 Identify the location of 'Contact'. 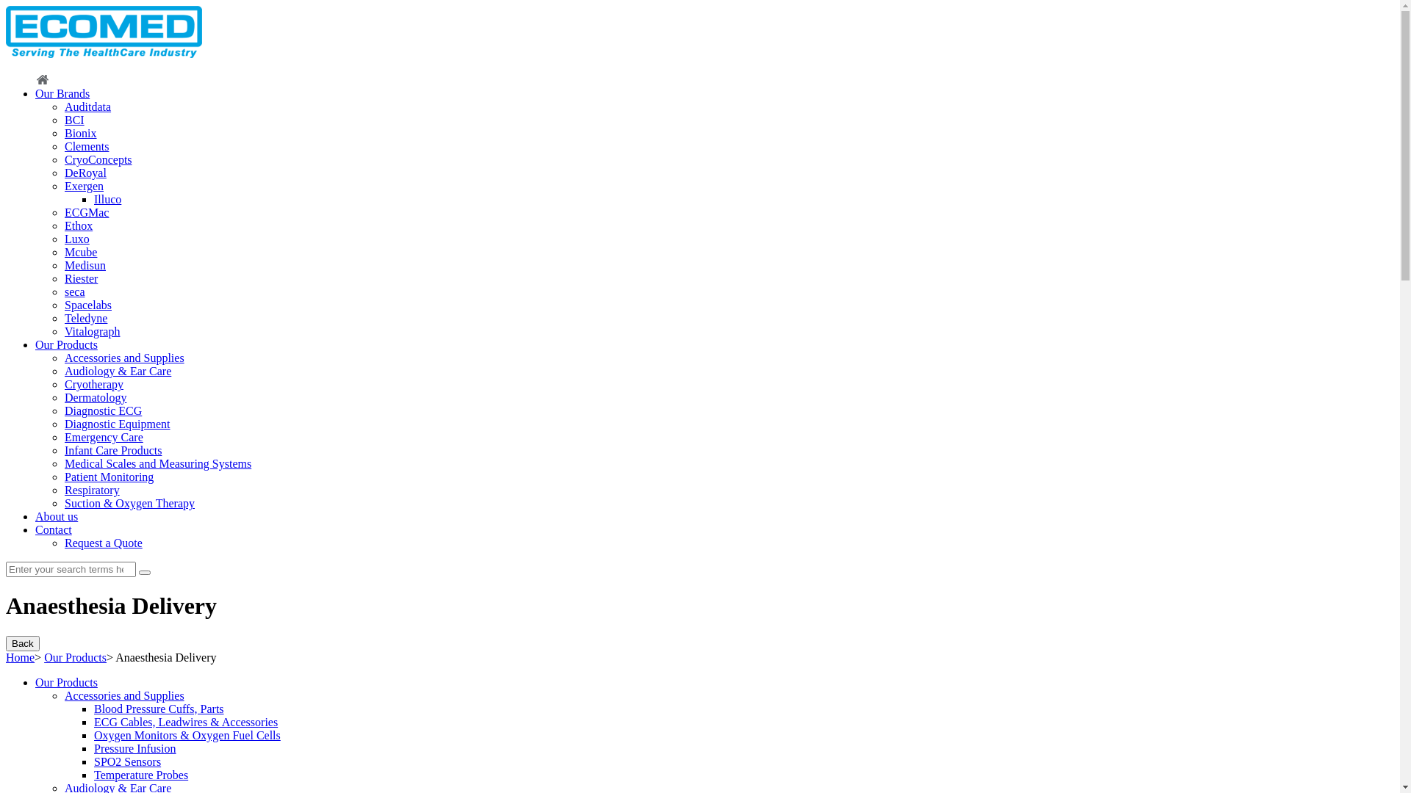
(53, 529).